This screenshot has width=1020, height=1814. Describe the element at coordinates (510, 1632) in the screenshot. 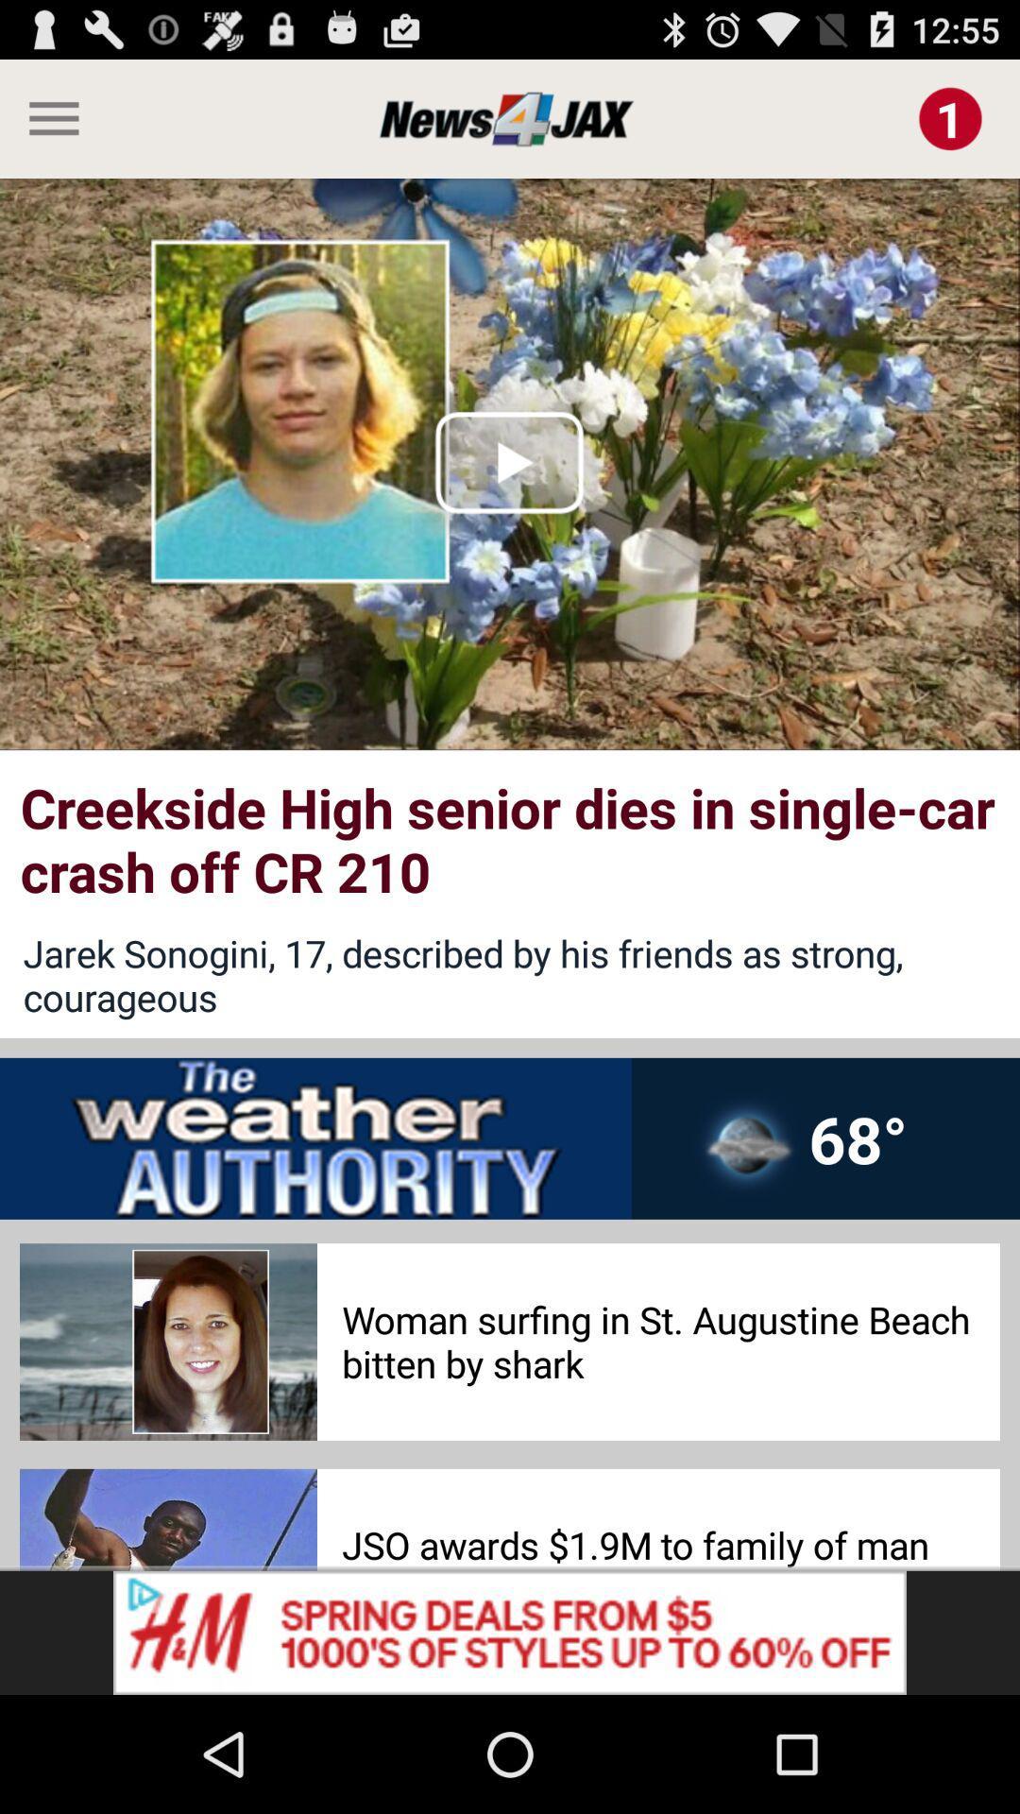

I see `offer box` at that location.